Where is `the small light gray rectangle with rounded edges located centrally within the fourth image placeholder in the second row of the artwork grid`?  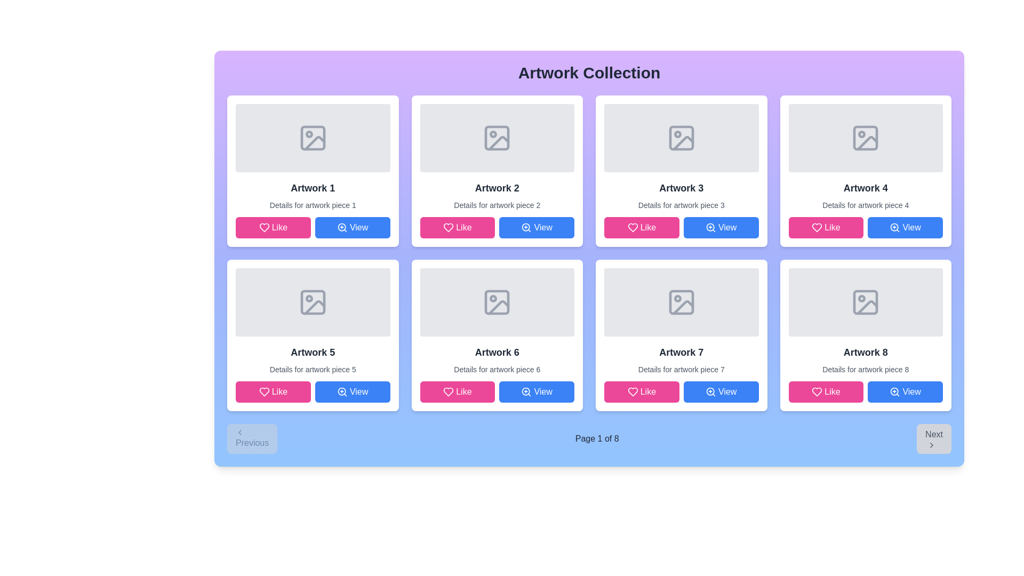 the small light gray rectangle with rounded edges located centrally within the fourth image placeholder in the second row of the artwork grid is located at coordinates (866, 302).